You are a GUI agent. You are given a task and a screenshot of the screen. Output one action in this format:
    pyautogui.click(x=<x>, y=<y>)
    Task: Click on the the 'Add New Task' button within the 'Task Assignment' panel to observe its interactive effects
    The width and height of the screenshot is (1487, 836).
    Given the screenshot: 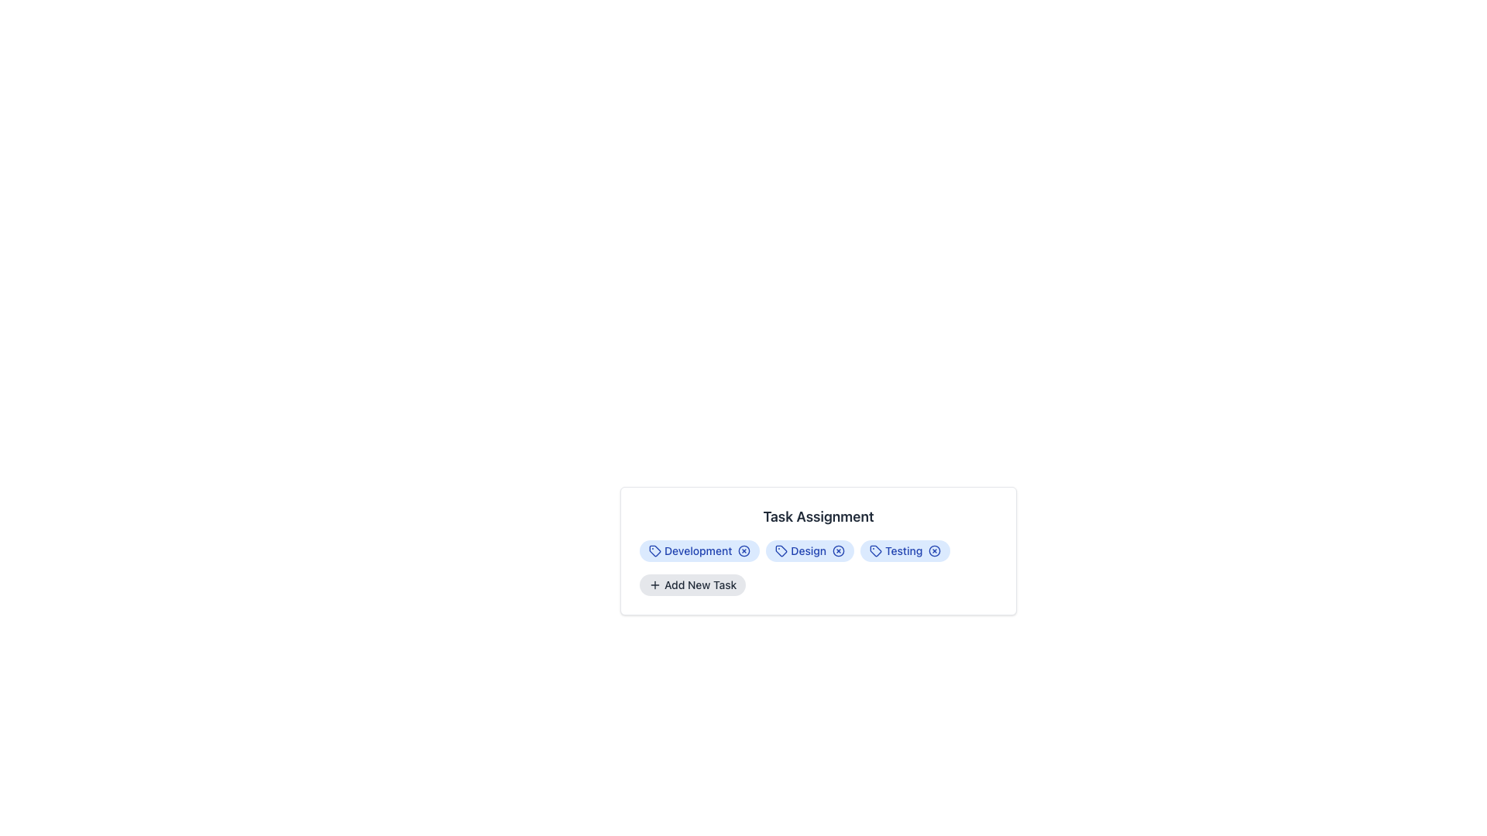 What is the action you would take?
    pyautogui.click(x=817, y=550)
    